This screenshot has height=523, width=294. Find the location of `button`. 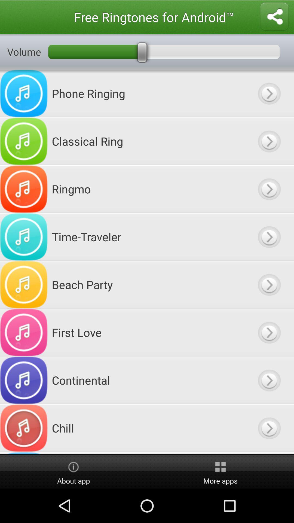

button is located at coordinates (269, 93).